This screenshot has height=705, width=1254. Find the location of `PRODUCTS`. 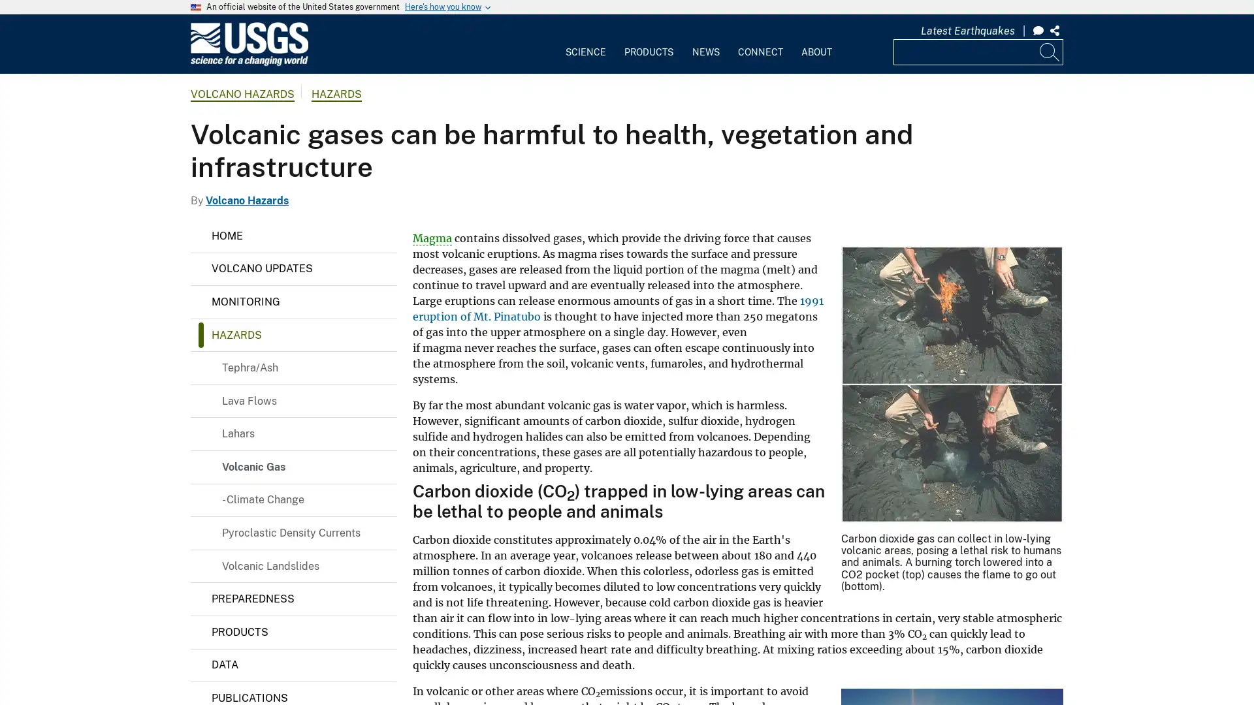

PRODUCTS is located at coordinates (649, 42).